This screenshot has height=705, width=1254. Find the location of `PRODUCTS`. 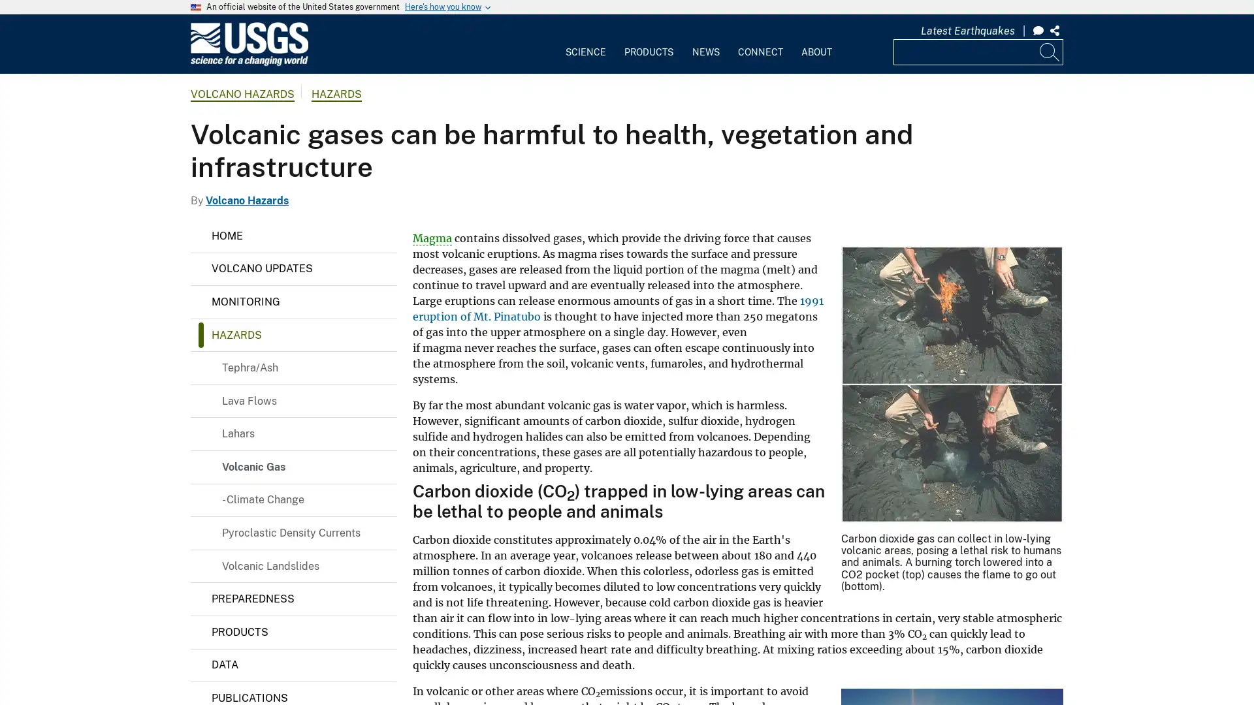

PRODUCTS is located at coordinates (649, 42).